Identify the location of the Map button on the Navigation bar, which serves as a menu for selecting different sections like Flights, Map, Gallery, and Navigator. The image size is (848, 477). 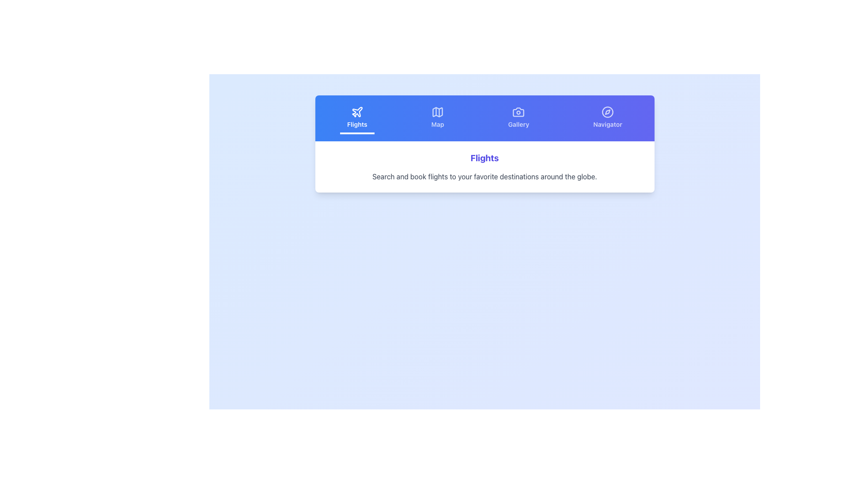
(484, 117).